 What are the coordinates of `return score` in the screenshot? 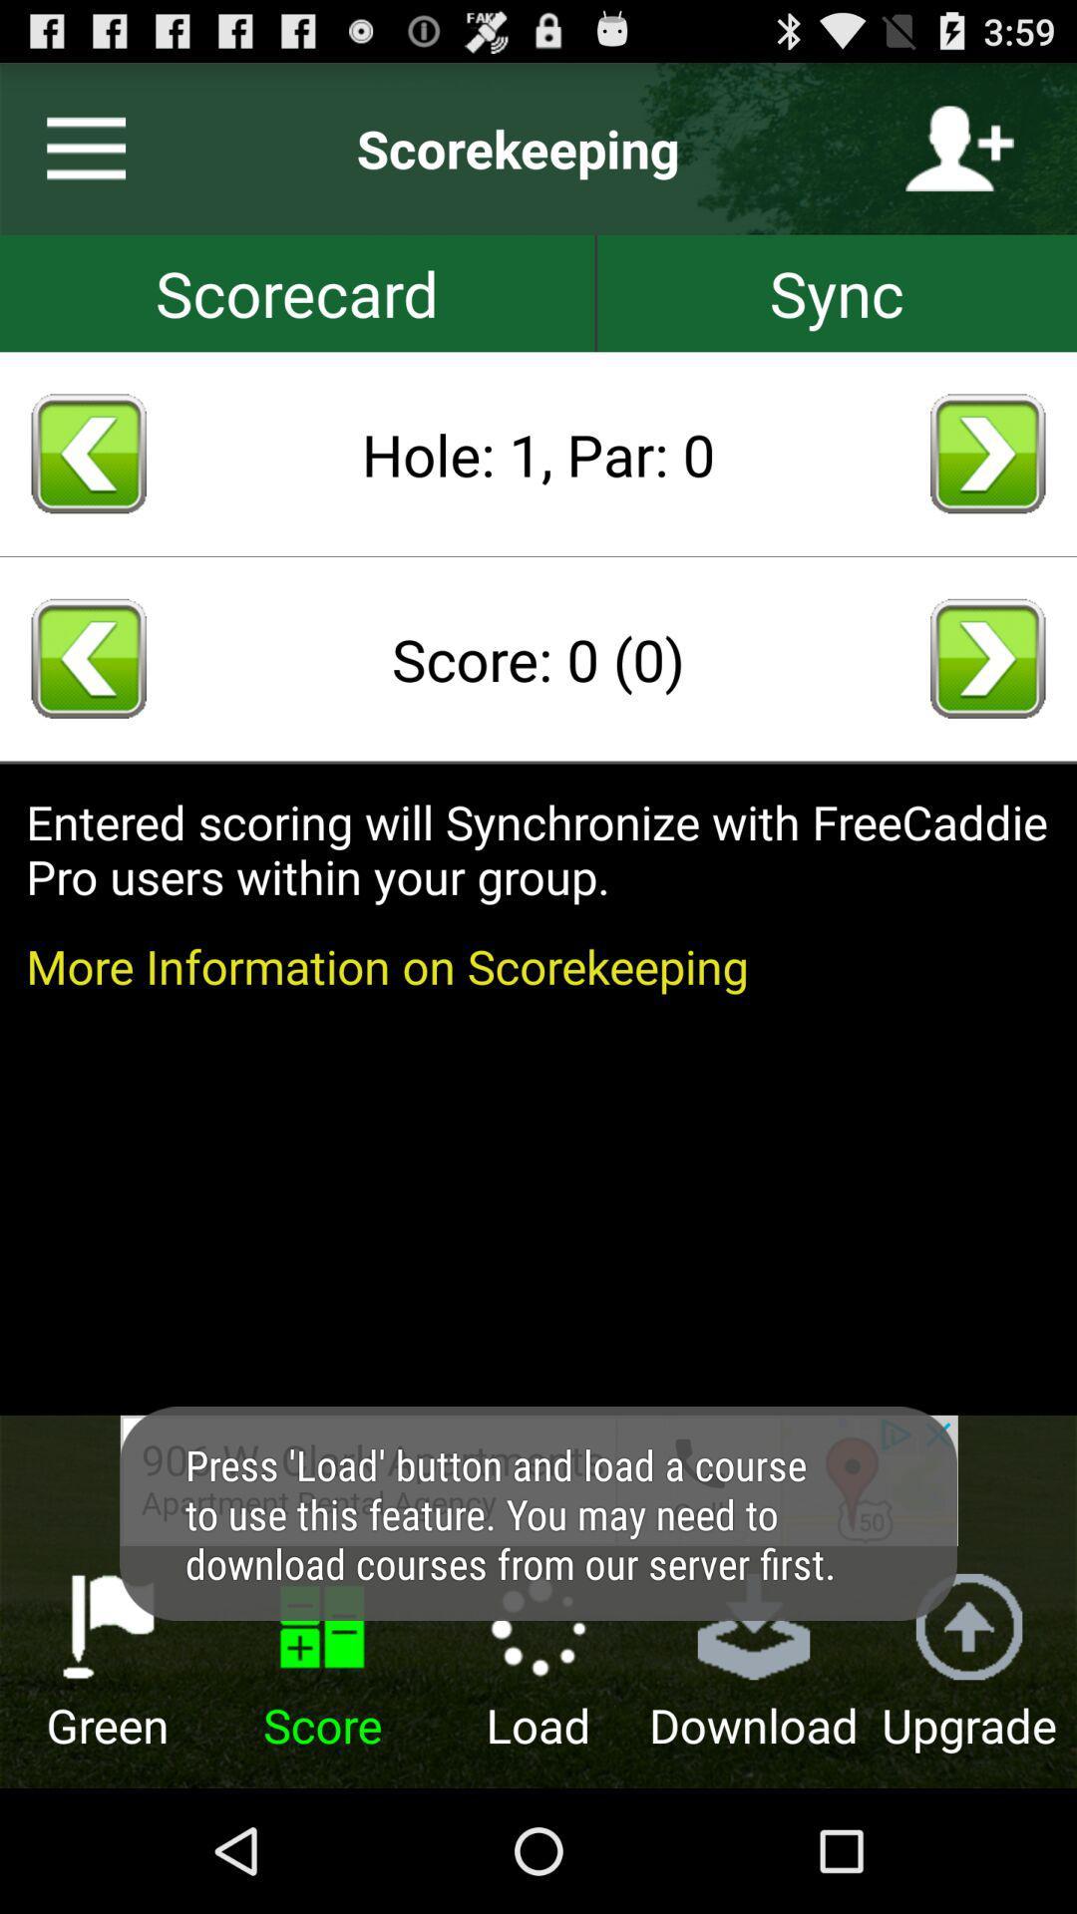 It's located at (88, 658).